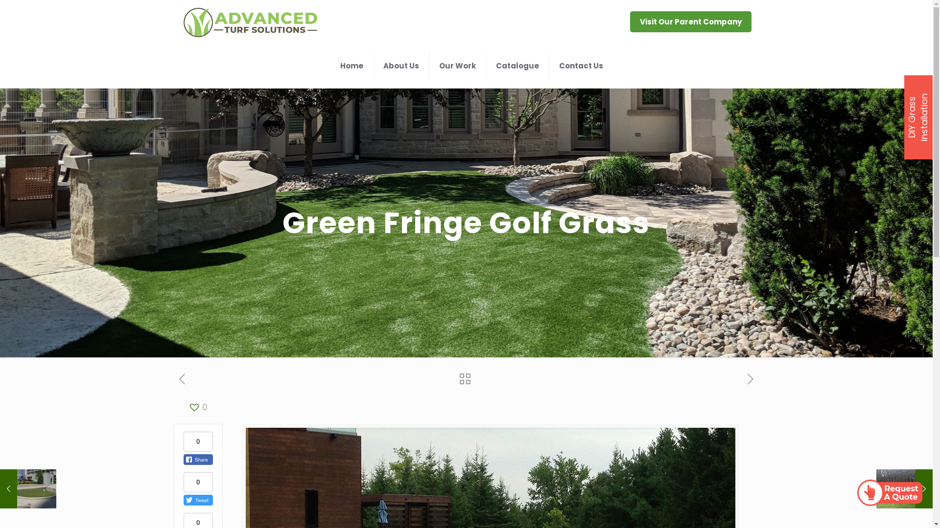  I want to click on 'Visit Our Parent Company', so click(690, 22).